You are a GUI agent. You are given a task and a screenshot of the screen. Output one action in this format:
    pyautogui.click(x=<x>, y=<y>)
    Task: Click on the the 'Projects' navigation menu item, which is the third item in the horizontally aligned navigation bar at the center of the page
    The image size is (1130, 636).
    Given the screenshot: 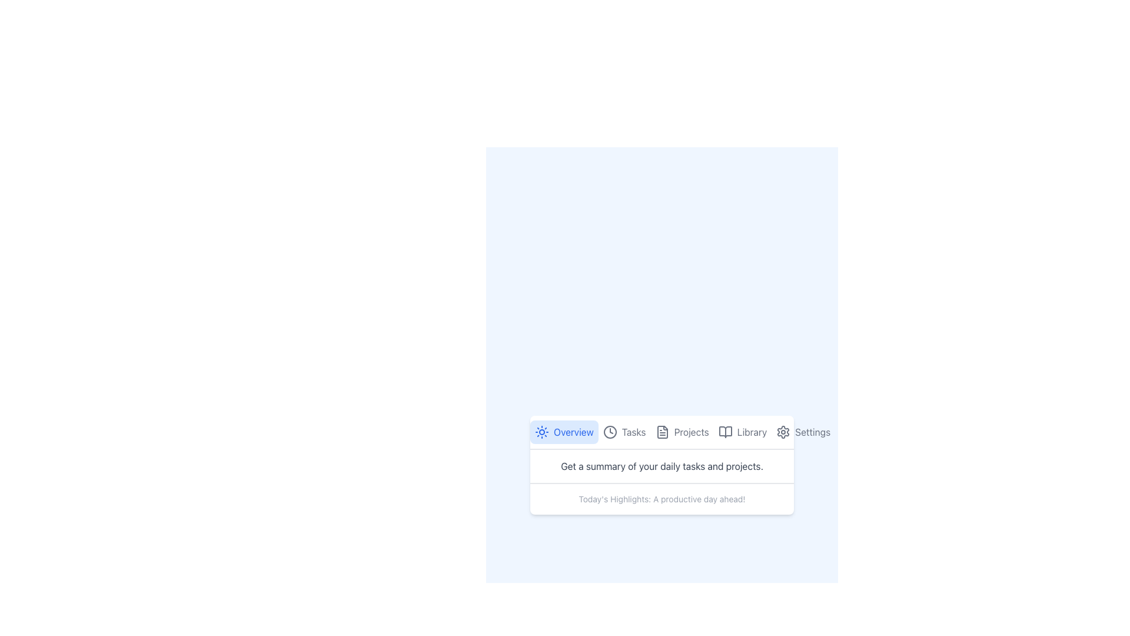 What is the action you would take?
    pyautogui.click(x=662, y=432)
    